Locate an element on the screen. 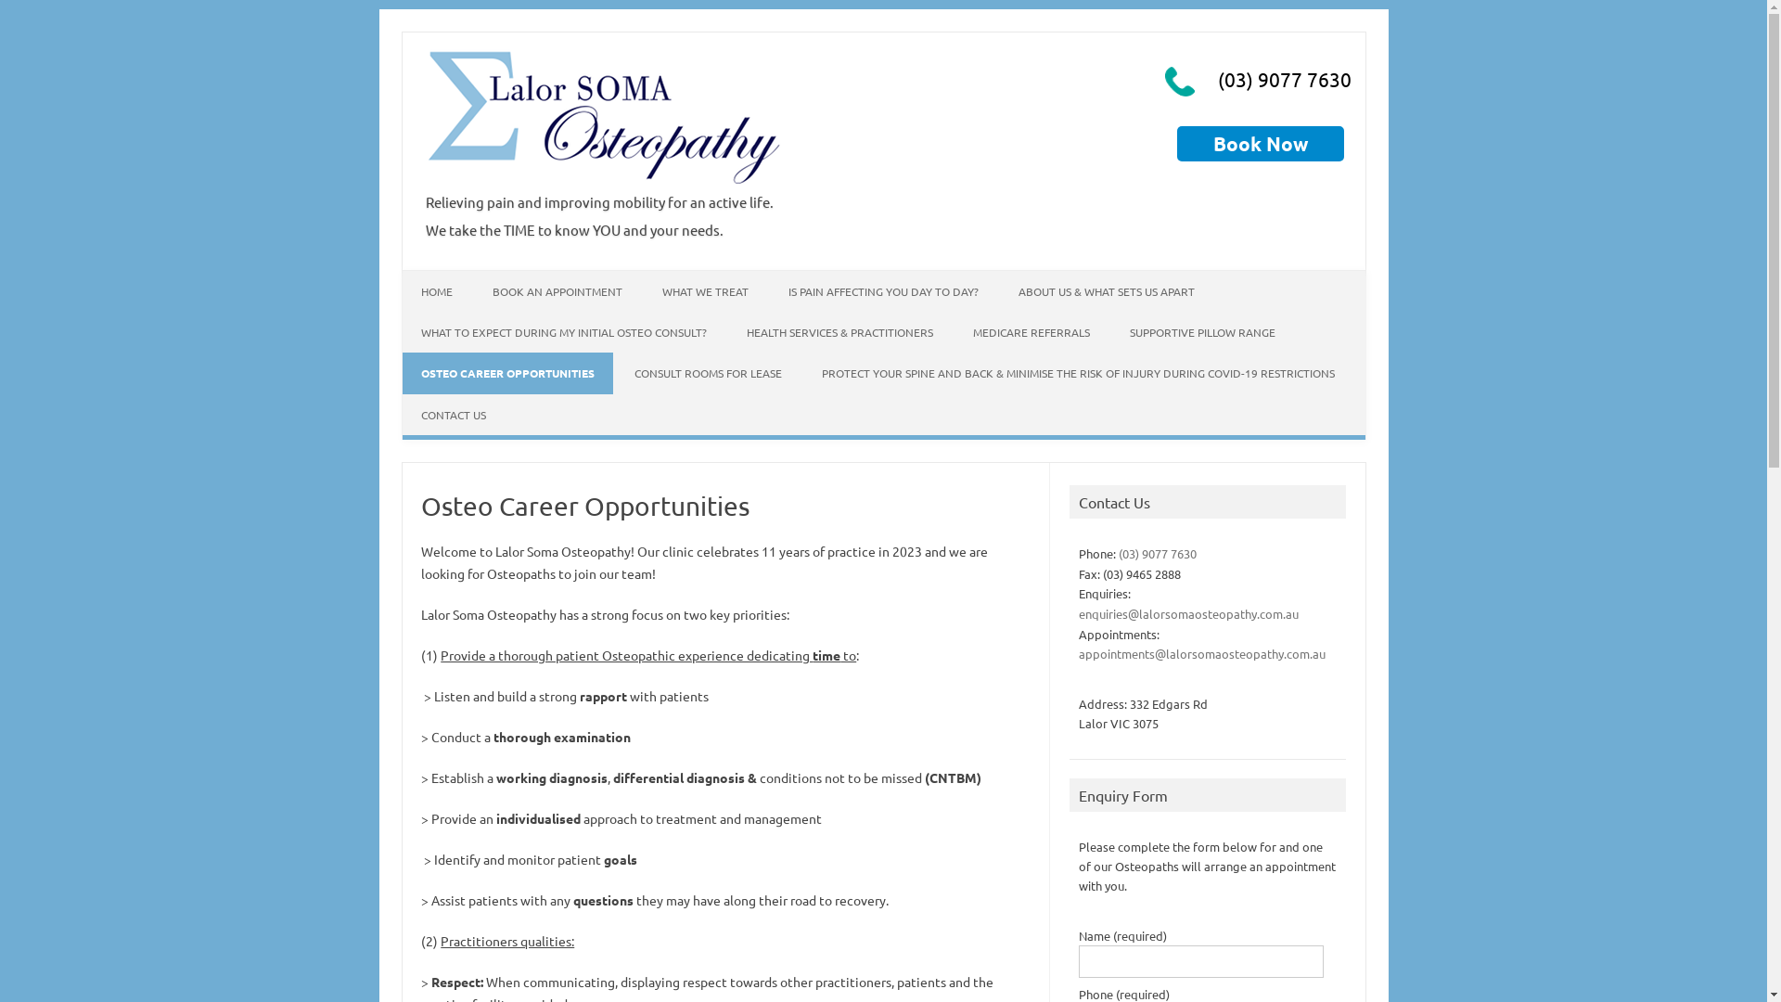 The width and height of the screenshot is (1781, 1002). 'CONSULT ROOMS FOR LEASE' is located at coordinates (707, 372).